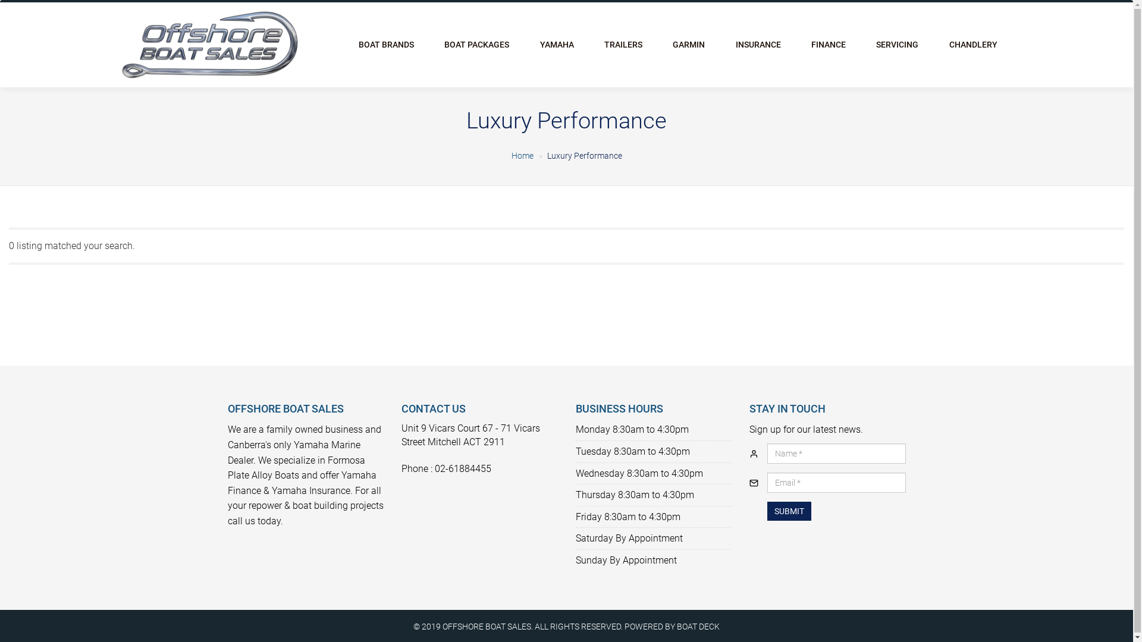 This screenshot has width=1142, height=642. What do you see at coordinates (622, 44) in the screenshot?
I see `'TRAILERS'` at bounding box center [622, 44].